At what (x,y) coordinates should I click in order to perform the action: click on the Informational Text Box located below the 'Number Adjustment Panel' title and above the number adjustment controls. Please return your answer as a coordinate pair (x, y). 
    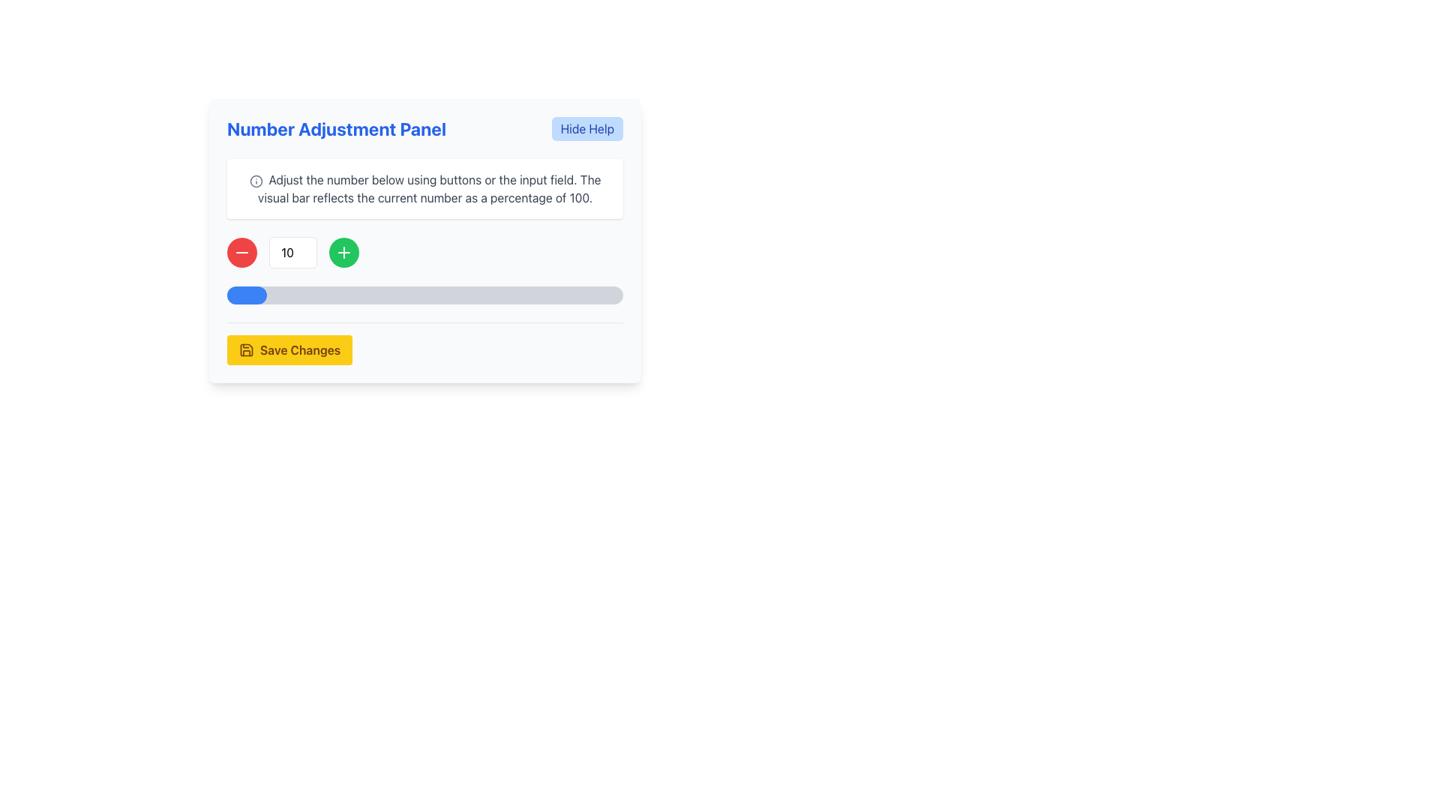
    Looking at the image, I should click on (424, 187).